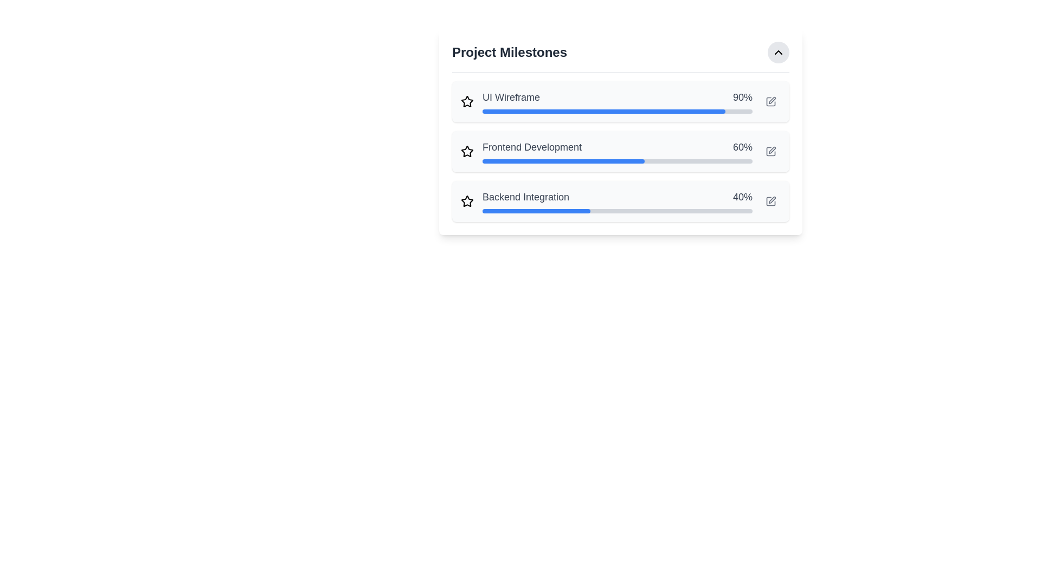 The image size is (1041, 585). Describe the element at coordinates (603, 111) in the screenshot. I see `the horizontal progress bar that is blue and represents the current progress, situated below the text 'UI Wireframe' and adjacent to the label showing '90%'` at that location.